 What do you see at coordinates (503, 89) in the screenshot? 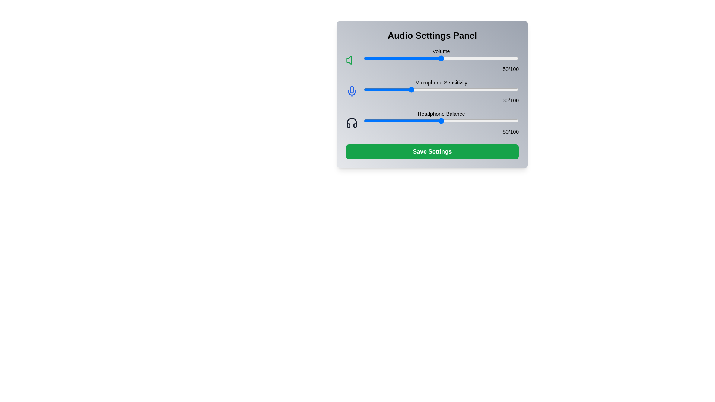
I see `the microphone sensitivity` at bounding box center [503, 89].